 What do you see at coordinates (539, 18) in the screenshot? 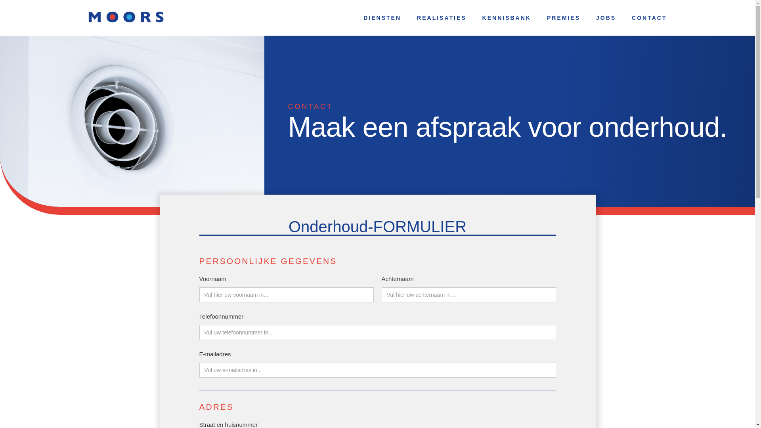
I see `'PREMIES'` at bounding box center [539, 18].